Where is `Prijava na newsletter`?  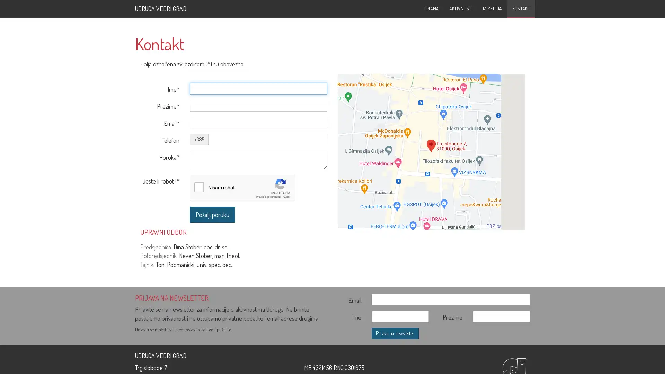 Prijava na newsletter is located at coordinates (395, 332).